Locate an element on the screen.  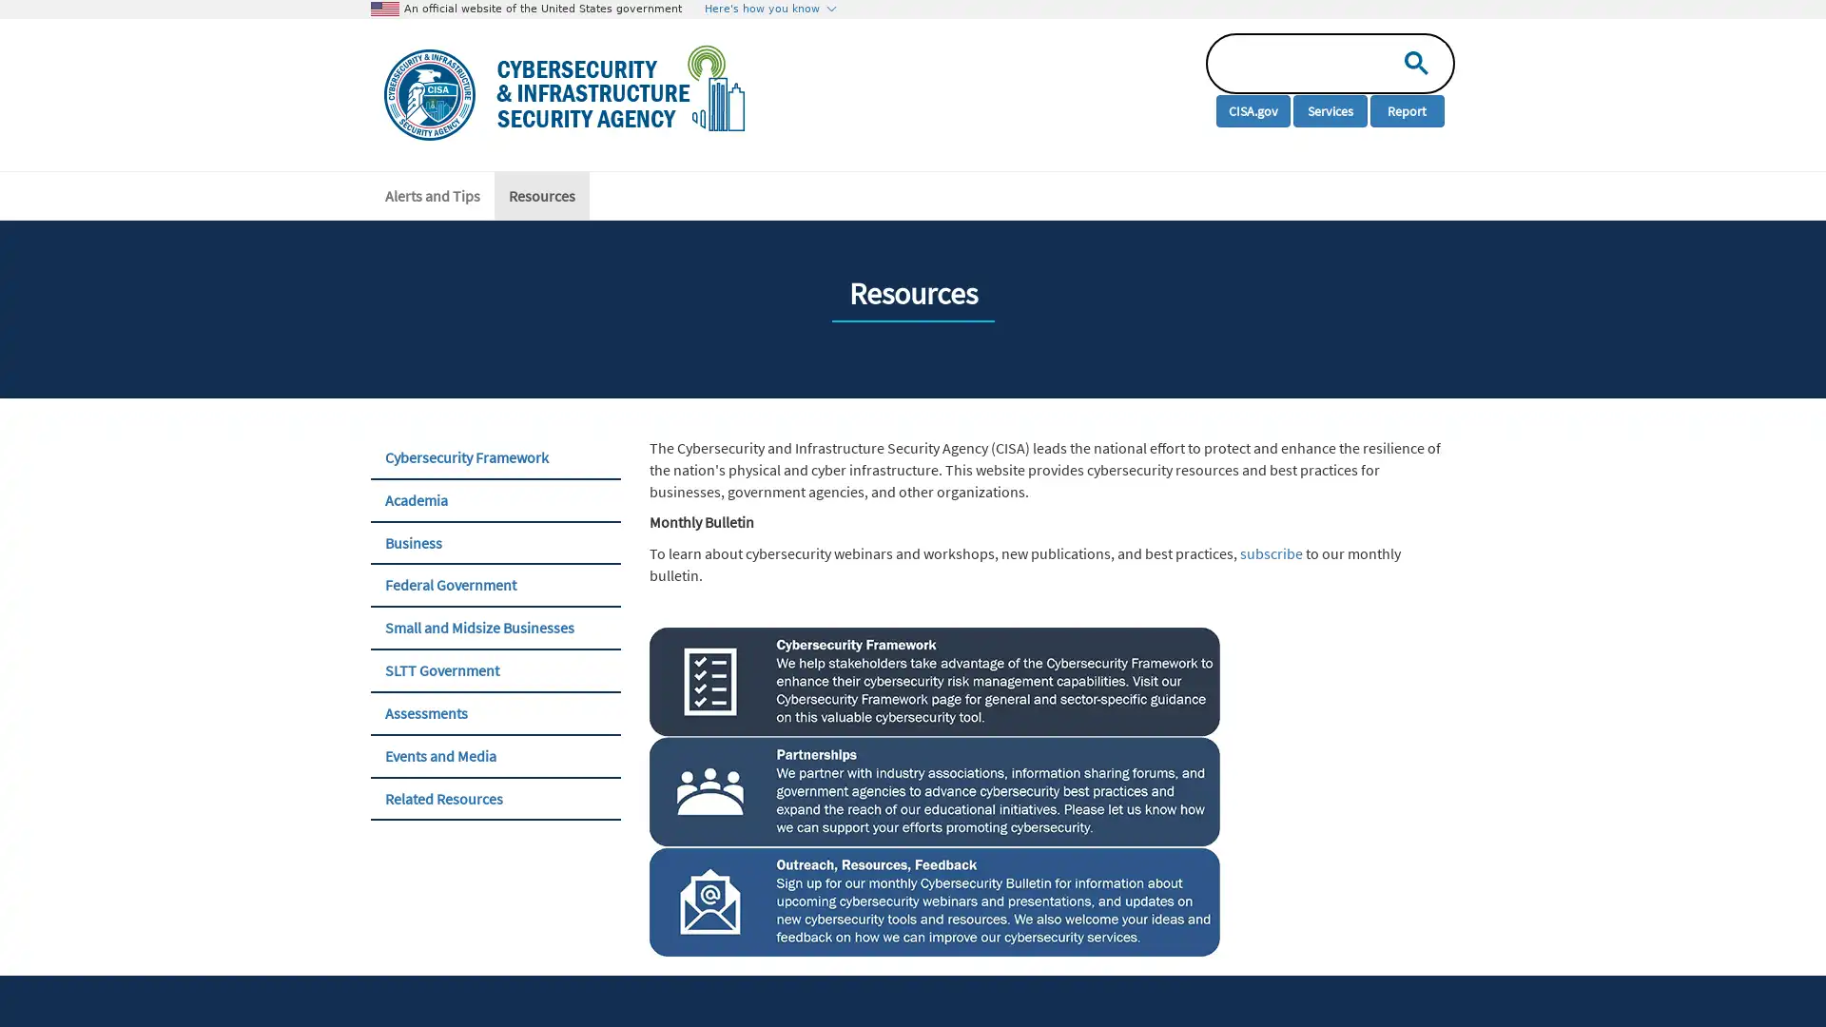
search is located at coordinates (1411, 61).